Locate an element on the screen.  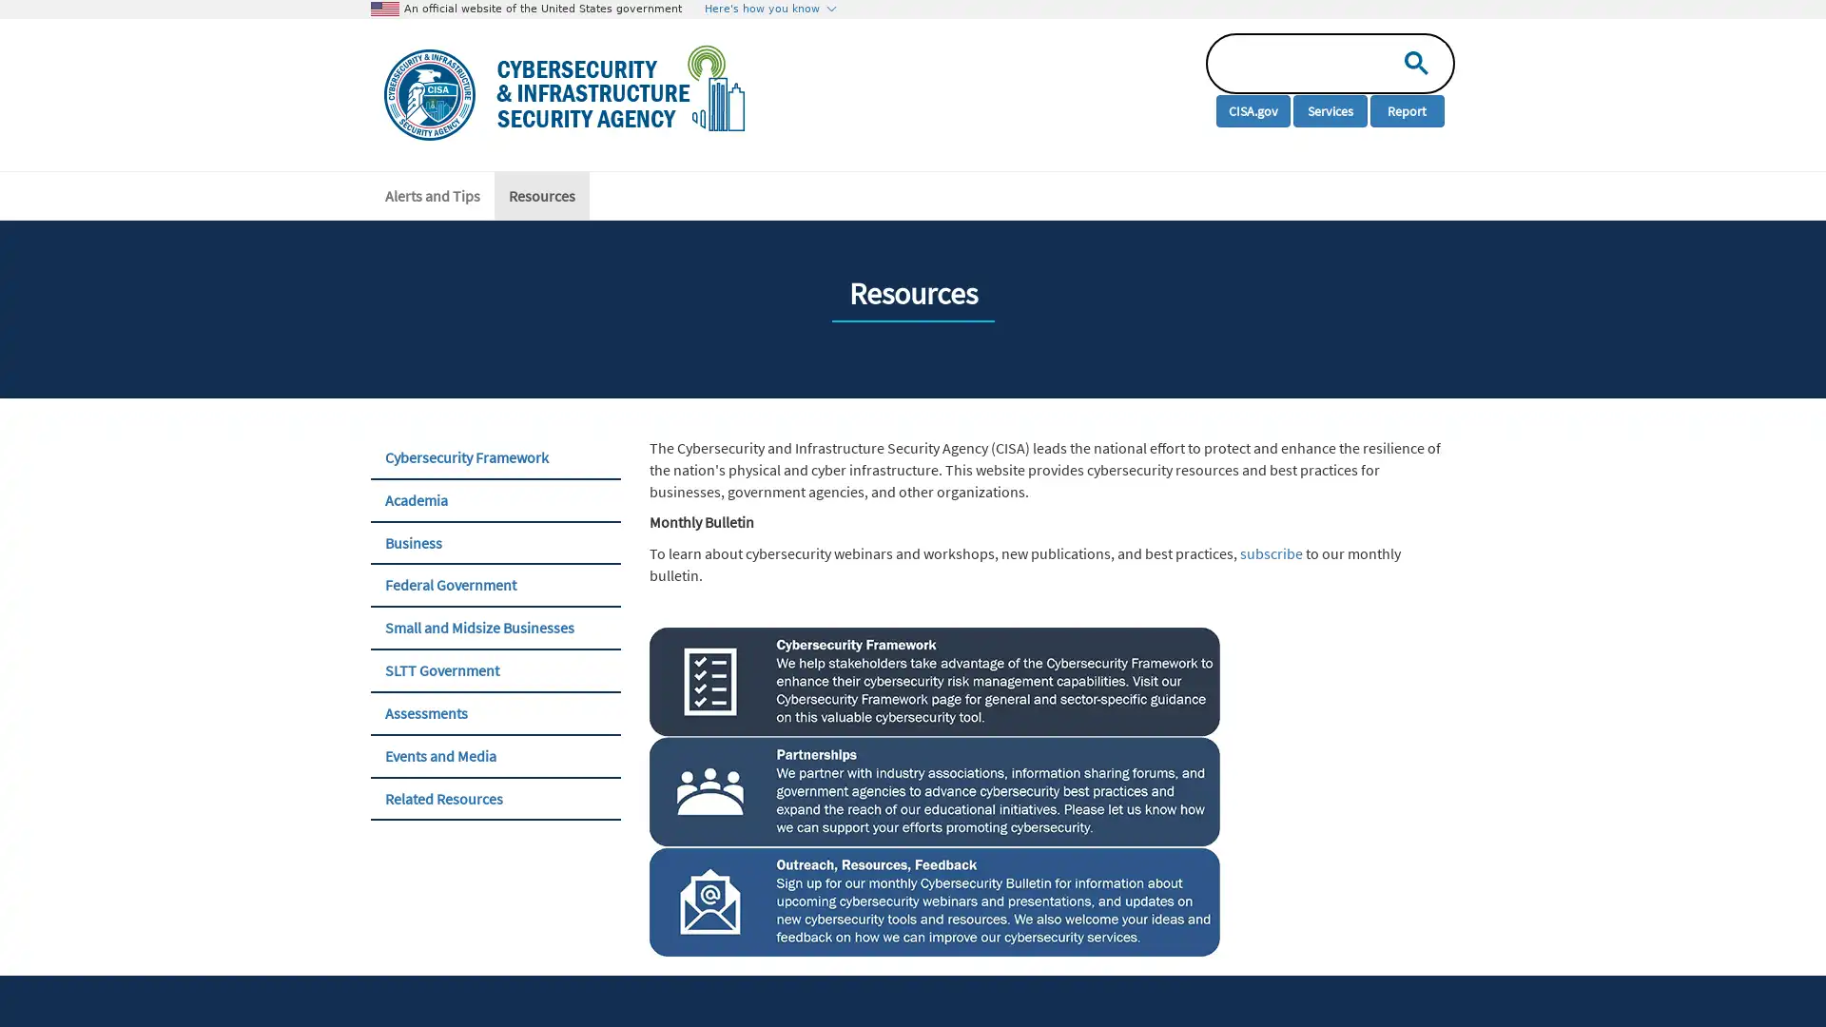
search is located at coordinates (1411, 61).